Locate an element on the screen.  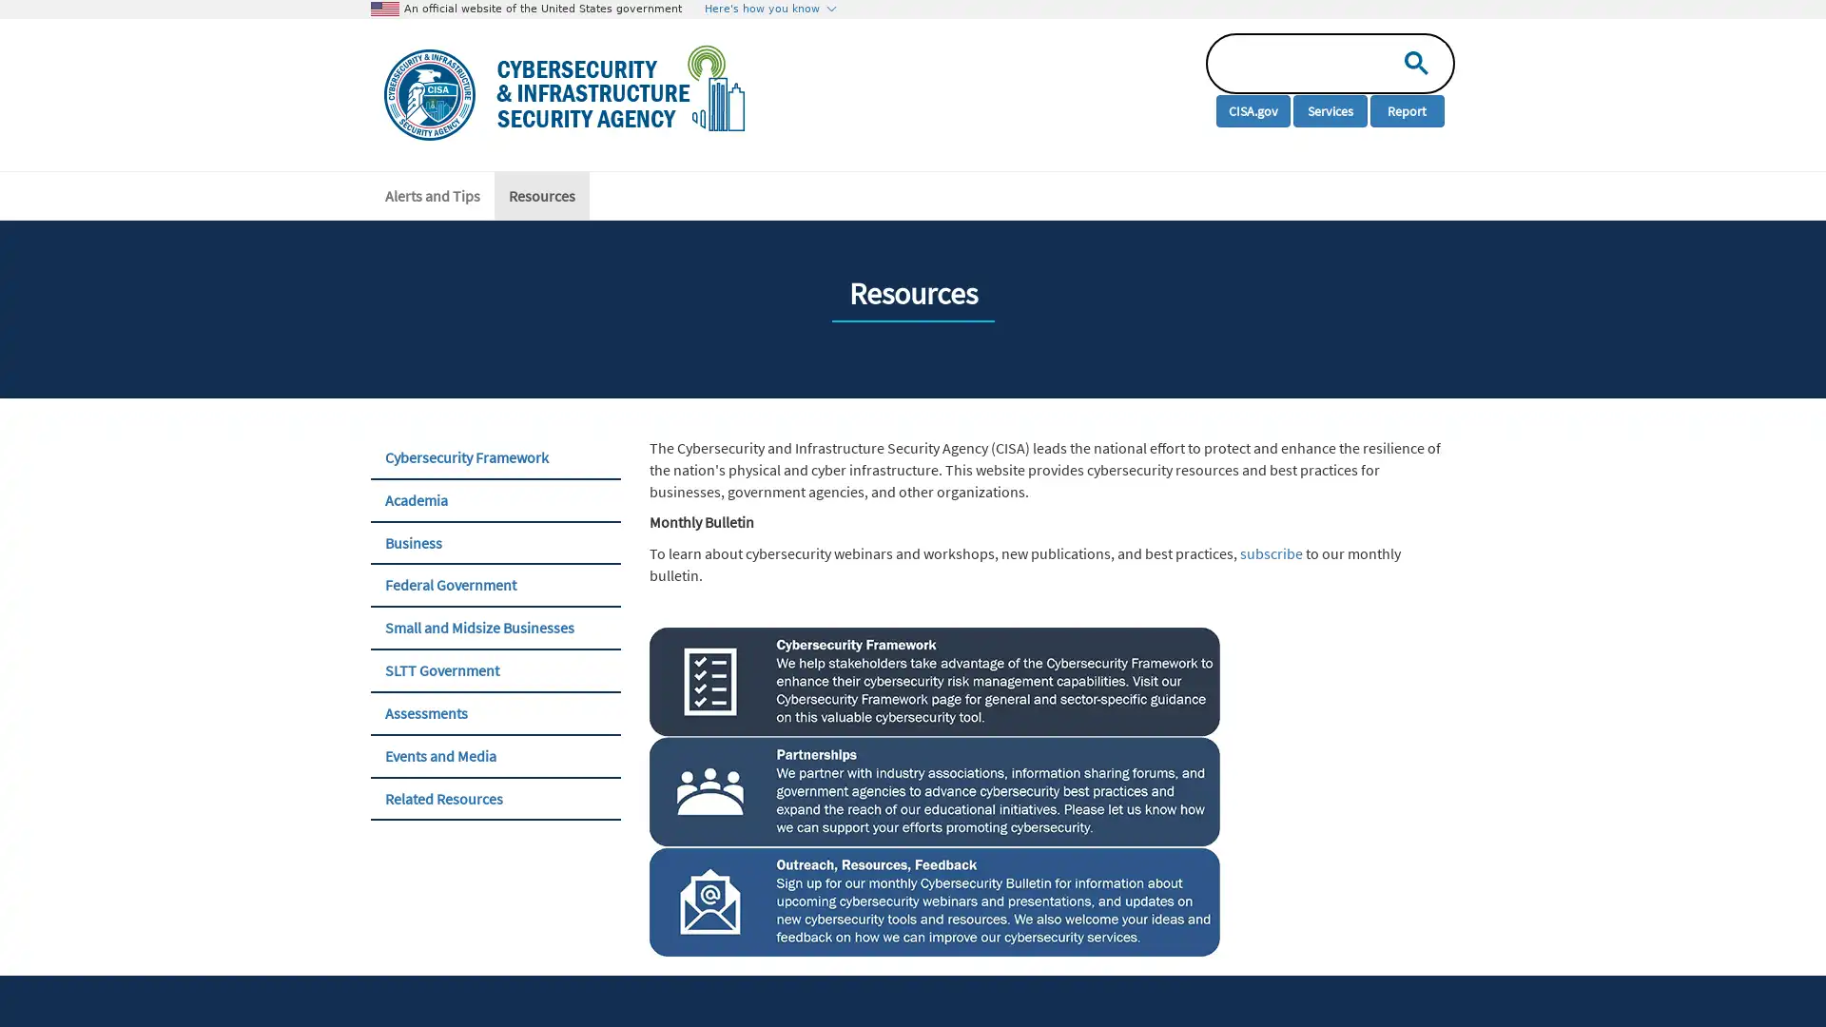
search is located at coordinates (1411, 61).